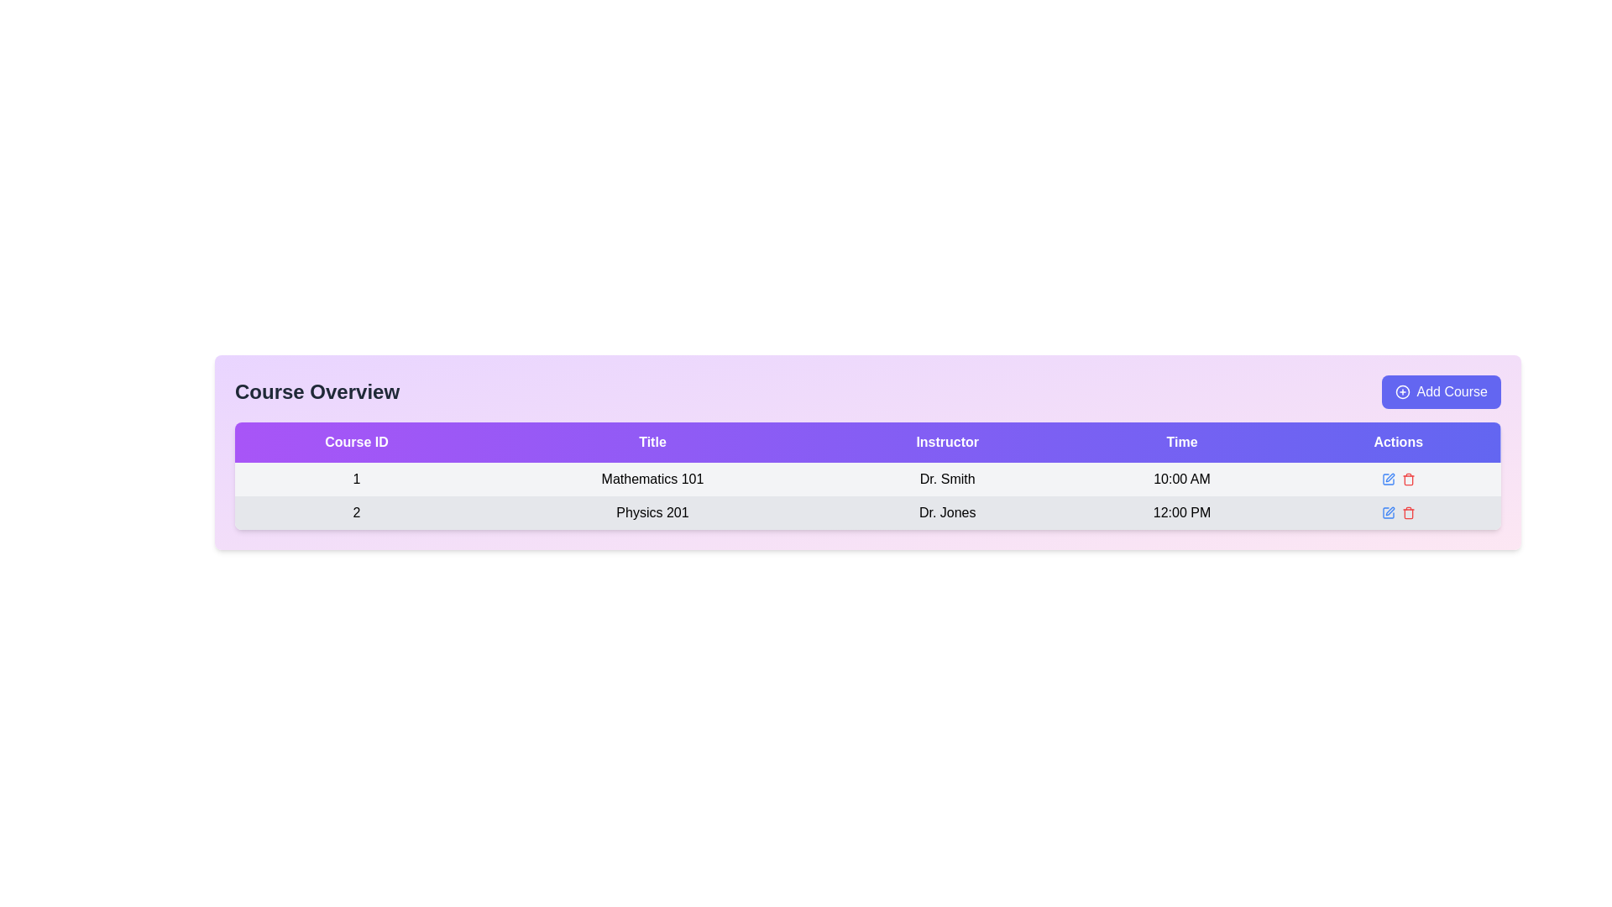 The width and height of the screenshot is (1612, 907). What do you see at coordinates (356, 479) in the screenshot?
I see `the first table cell that serves as the identifier for the first row in the course overview table, located under the 'Course ID' header` at bounding box center [356, 479].